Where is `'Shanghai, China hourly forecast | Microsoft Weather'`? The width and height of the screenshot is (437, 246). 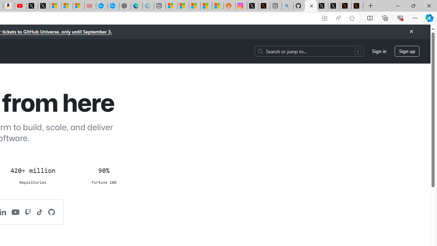
'Shanghai, China hourly forecast | Microsoft Weather' is located at coordinates (194, 6).